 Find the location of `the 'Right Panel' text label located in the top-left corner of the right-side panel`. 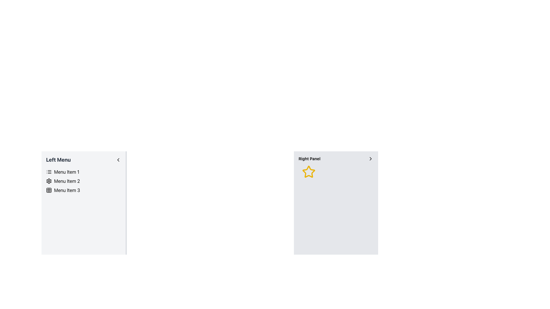

the 'Right Panel' text label located in the top-left corner of the right-side panel is located at coordinates (309, 159).